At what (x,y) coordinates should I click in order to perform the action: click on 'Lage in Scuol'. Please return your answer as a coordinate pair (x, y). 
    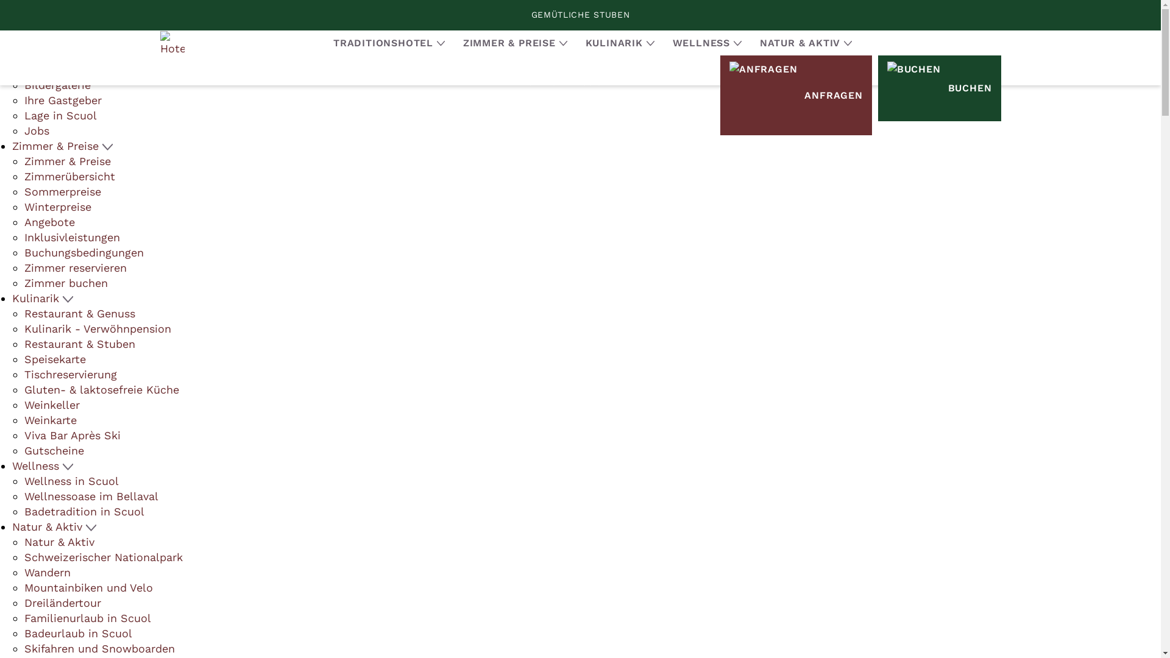
    Looking at the image, I should click on (60, 115).